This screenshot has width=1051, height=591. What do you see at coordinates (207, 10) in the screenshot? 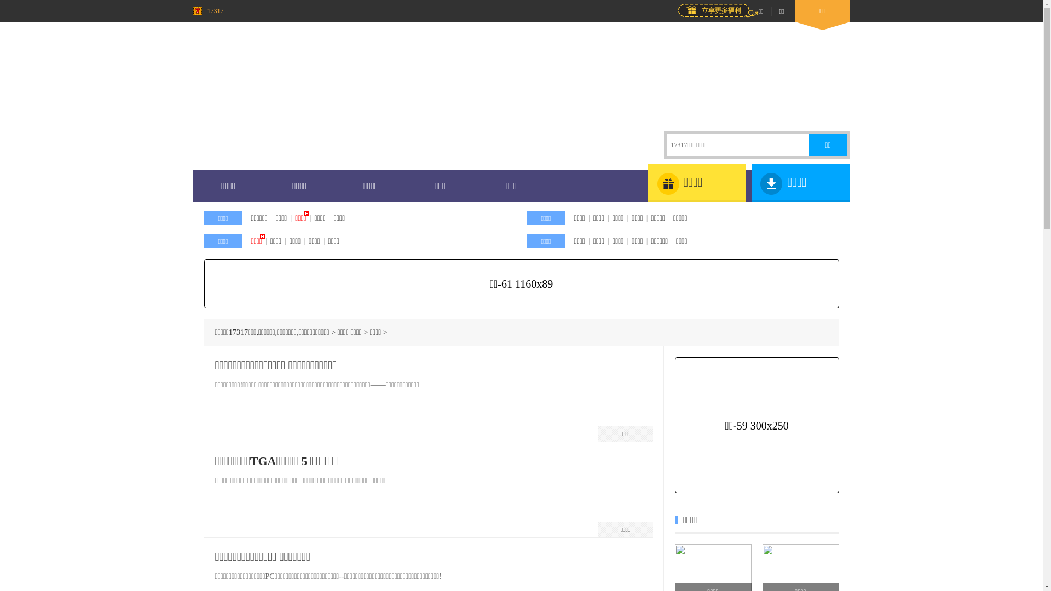
I see `'17317'` at bounding box center [207, 10].